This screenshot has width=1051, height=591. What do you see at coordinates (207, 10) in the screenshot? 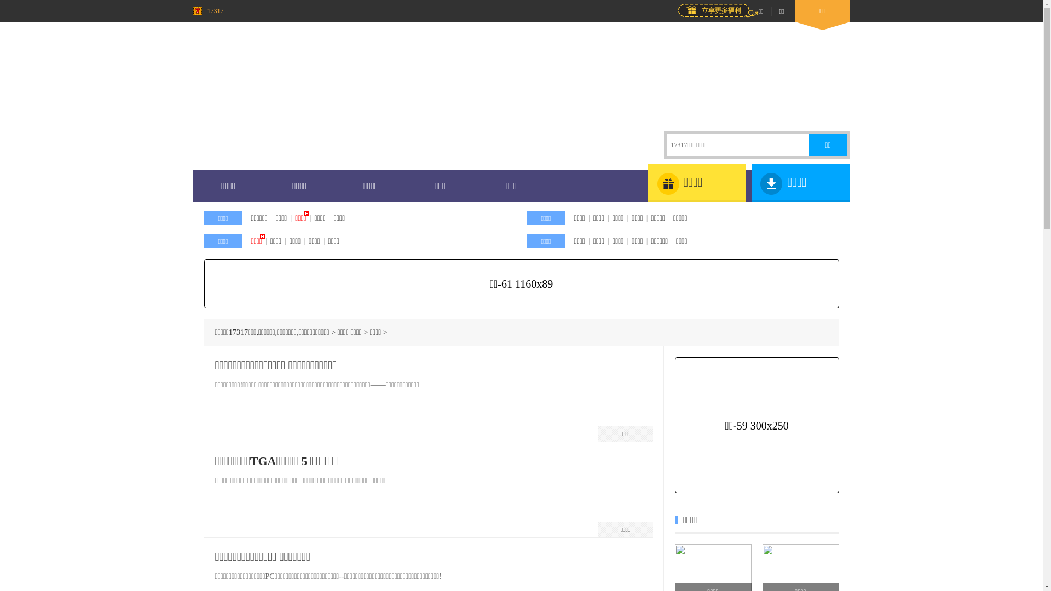
I see `'17317'` at bounding box center [207, 10].